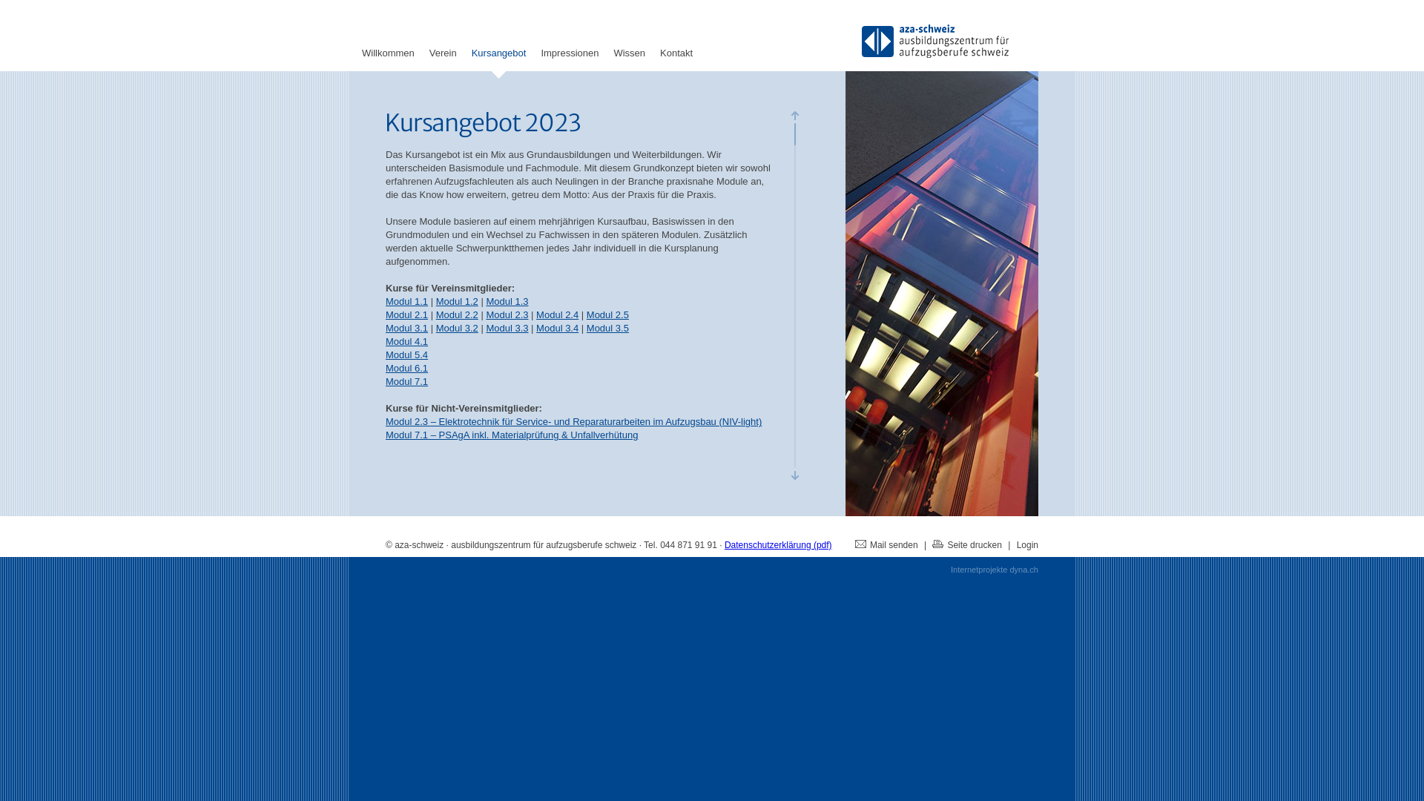 The image size is (1424, 801). I want to click on 'Modul 4.1', so click(406, 341).